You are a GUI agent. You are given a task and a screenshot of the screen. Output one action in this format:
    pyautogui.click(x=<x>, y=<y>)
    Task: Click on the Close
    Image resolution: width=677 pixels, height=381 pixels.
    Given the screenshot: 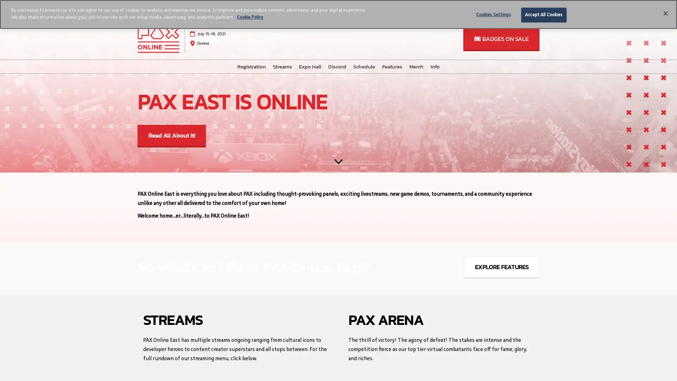 What is the action you would take?
    pyautogui.click(x=665, y=13)
    